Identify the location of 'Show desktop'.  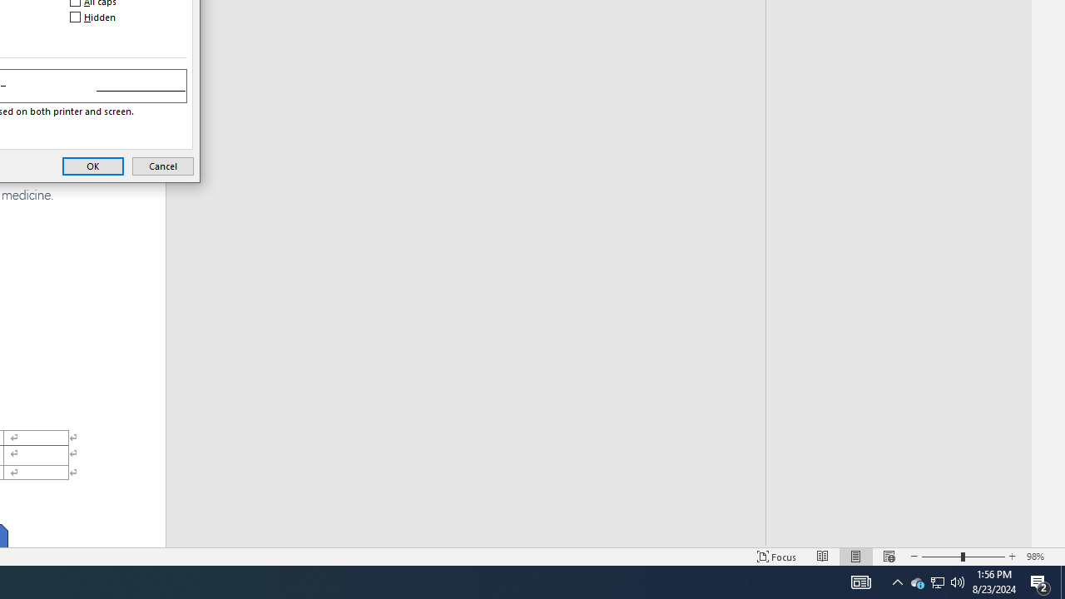
(1062, 581).